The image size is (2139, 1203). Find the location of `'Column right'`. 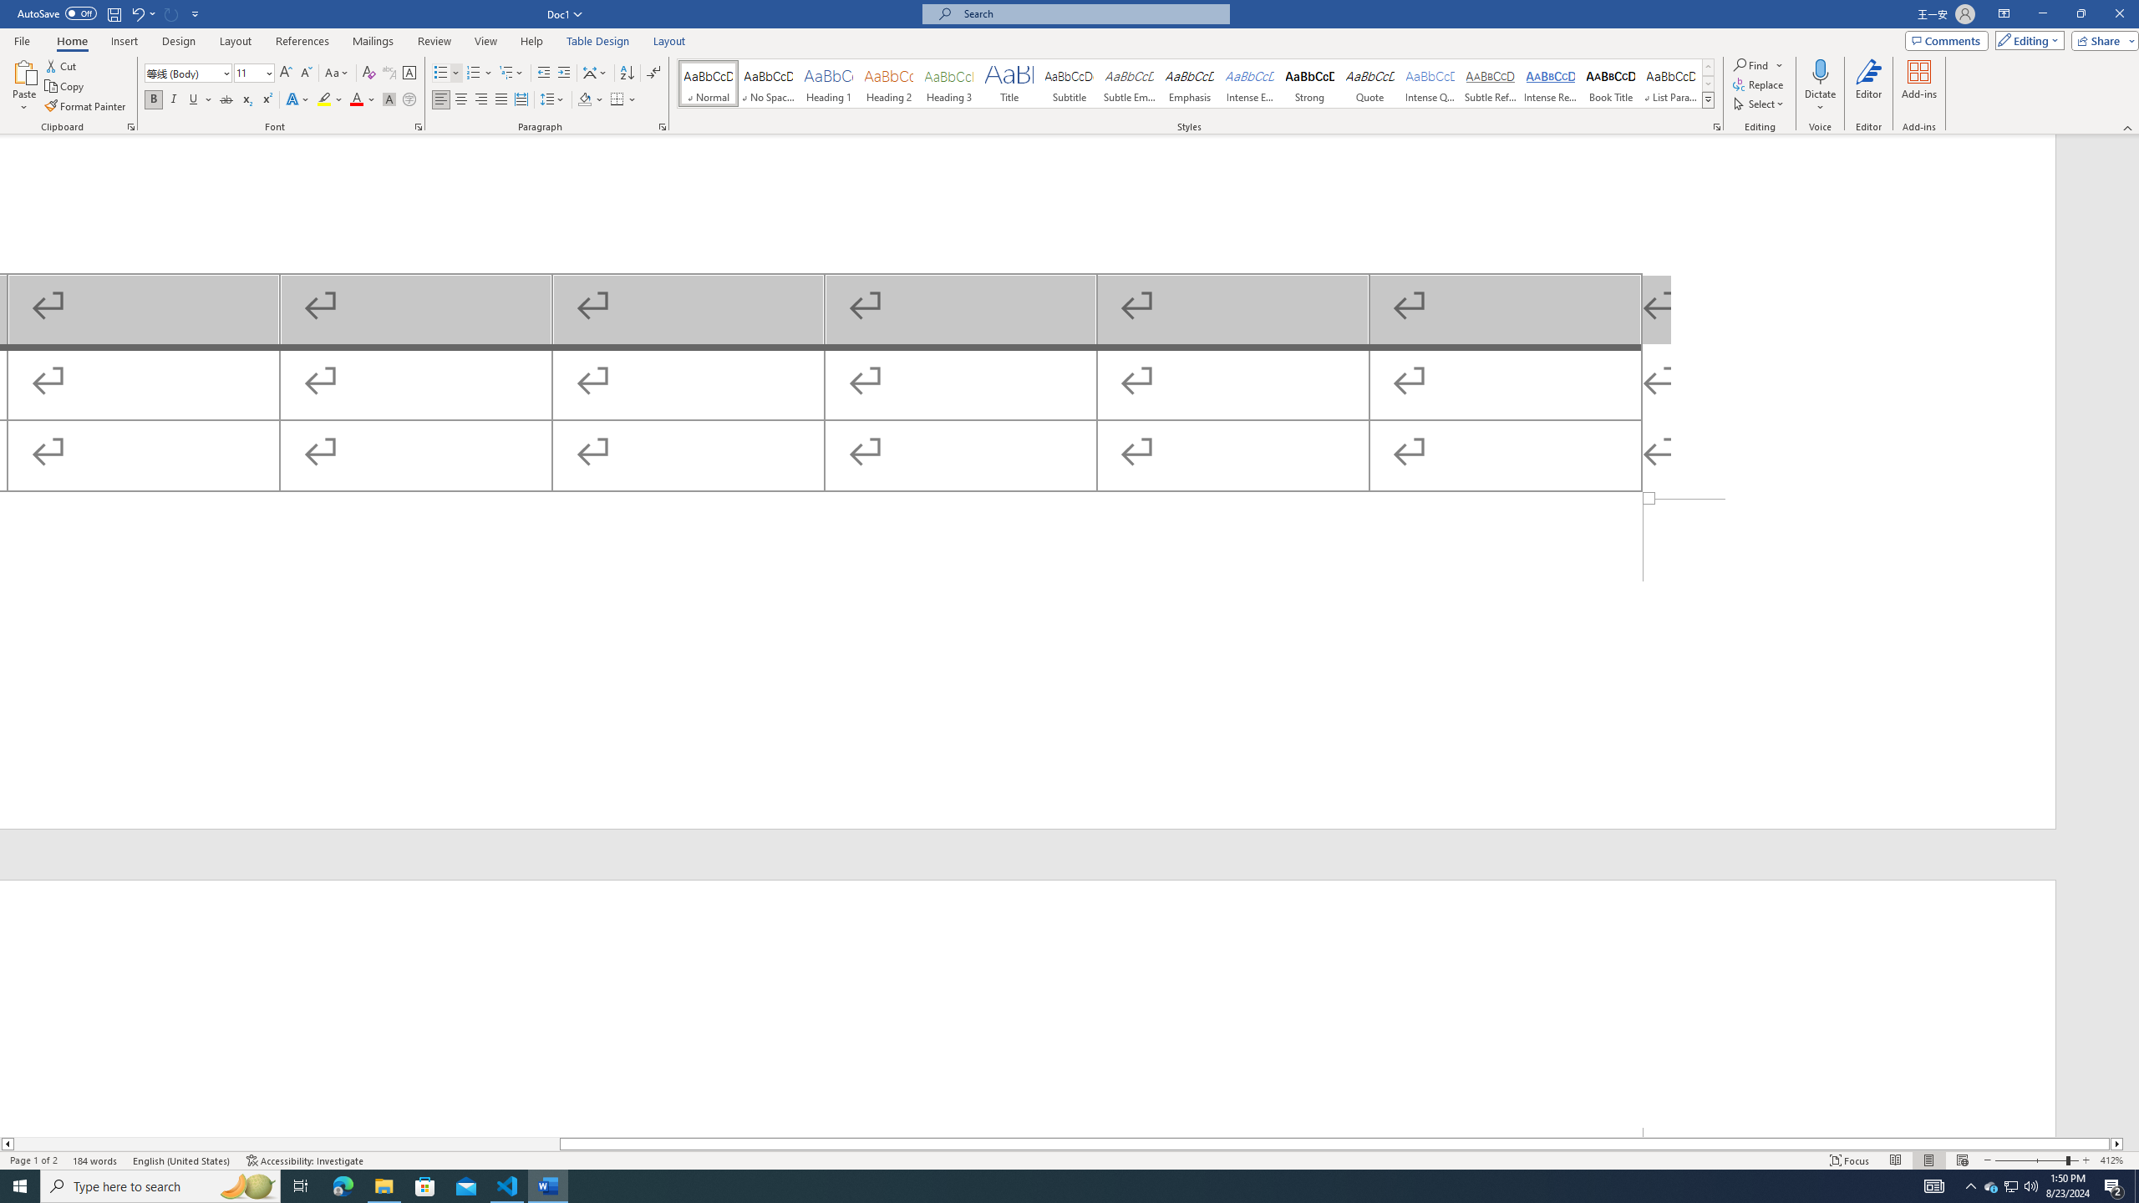

'Column right' is located at coordinates (2116, 1143).